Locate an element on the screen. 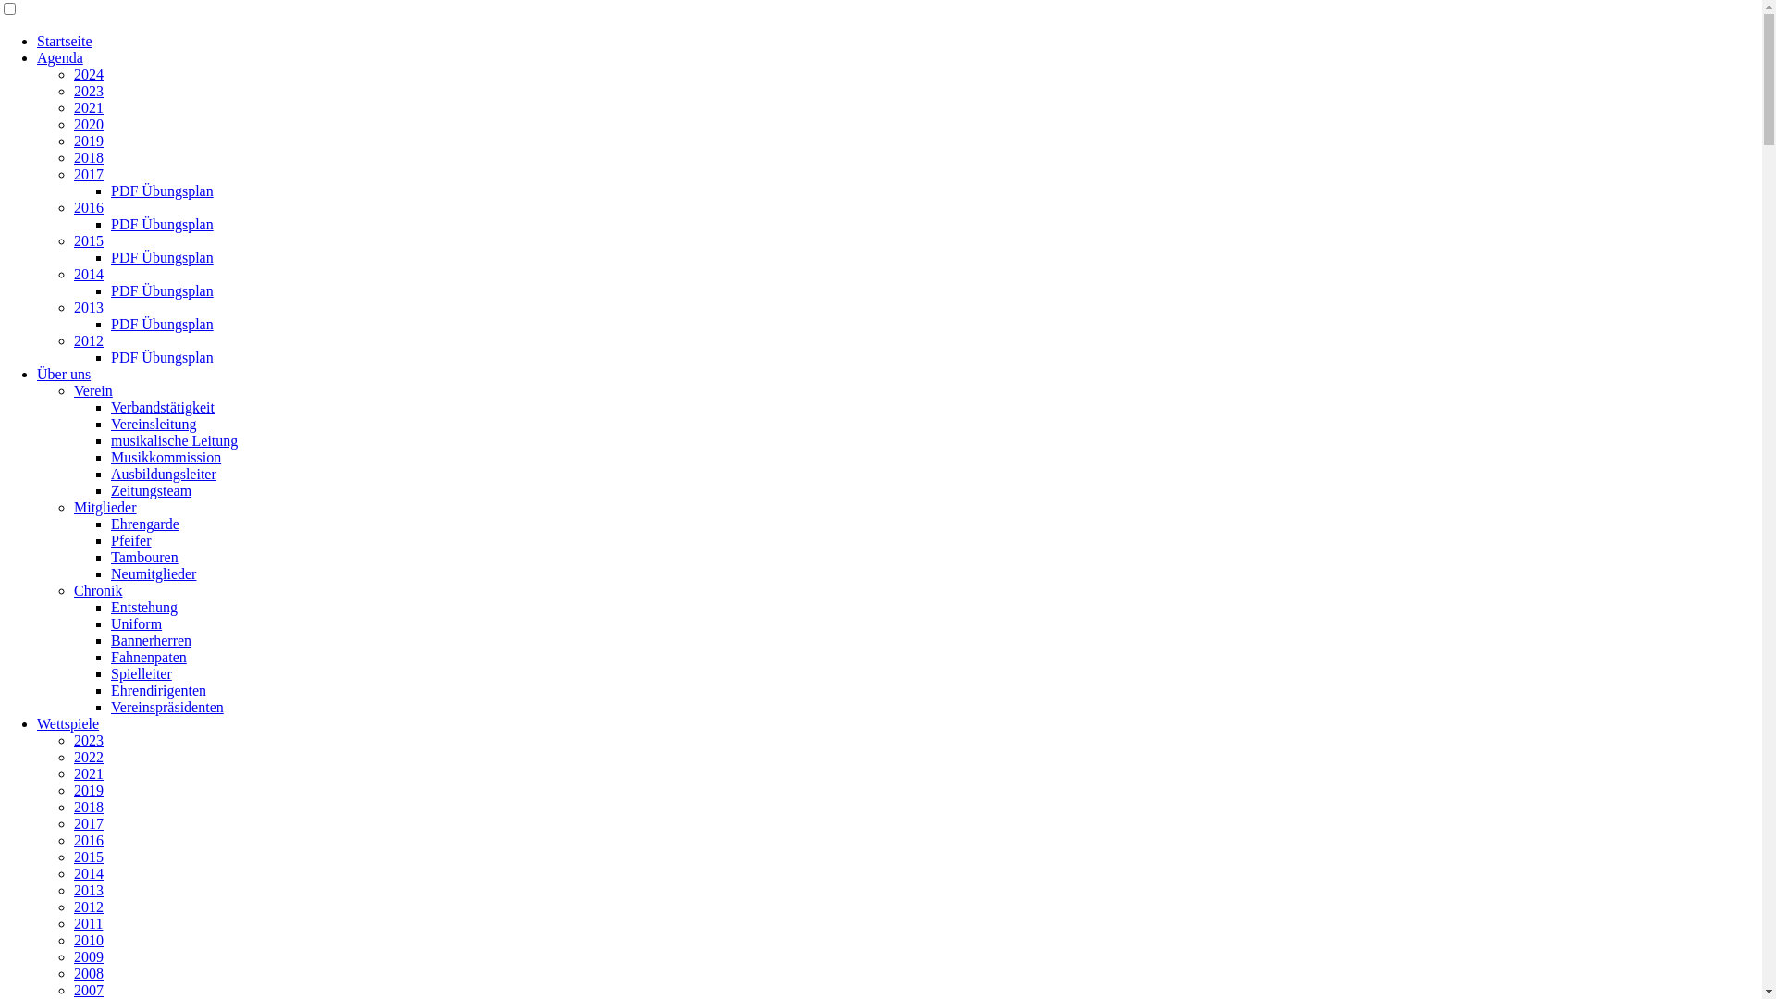 Image resolution: width=1776 pixels, height=999 pixels. 'Pfeifer' is located at coordinates (130, 540).